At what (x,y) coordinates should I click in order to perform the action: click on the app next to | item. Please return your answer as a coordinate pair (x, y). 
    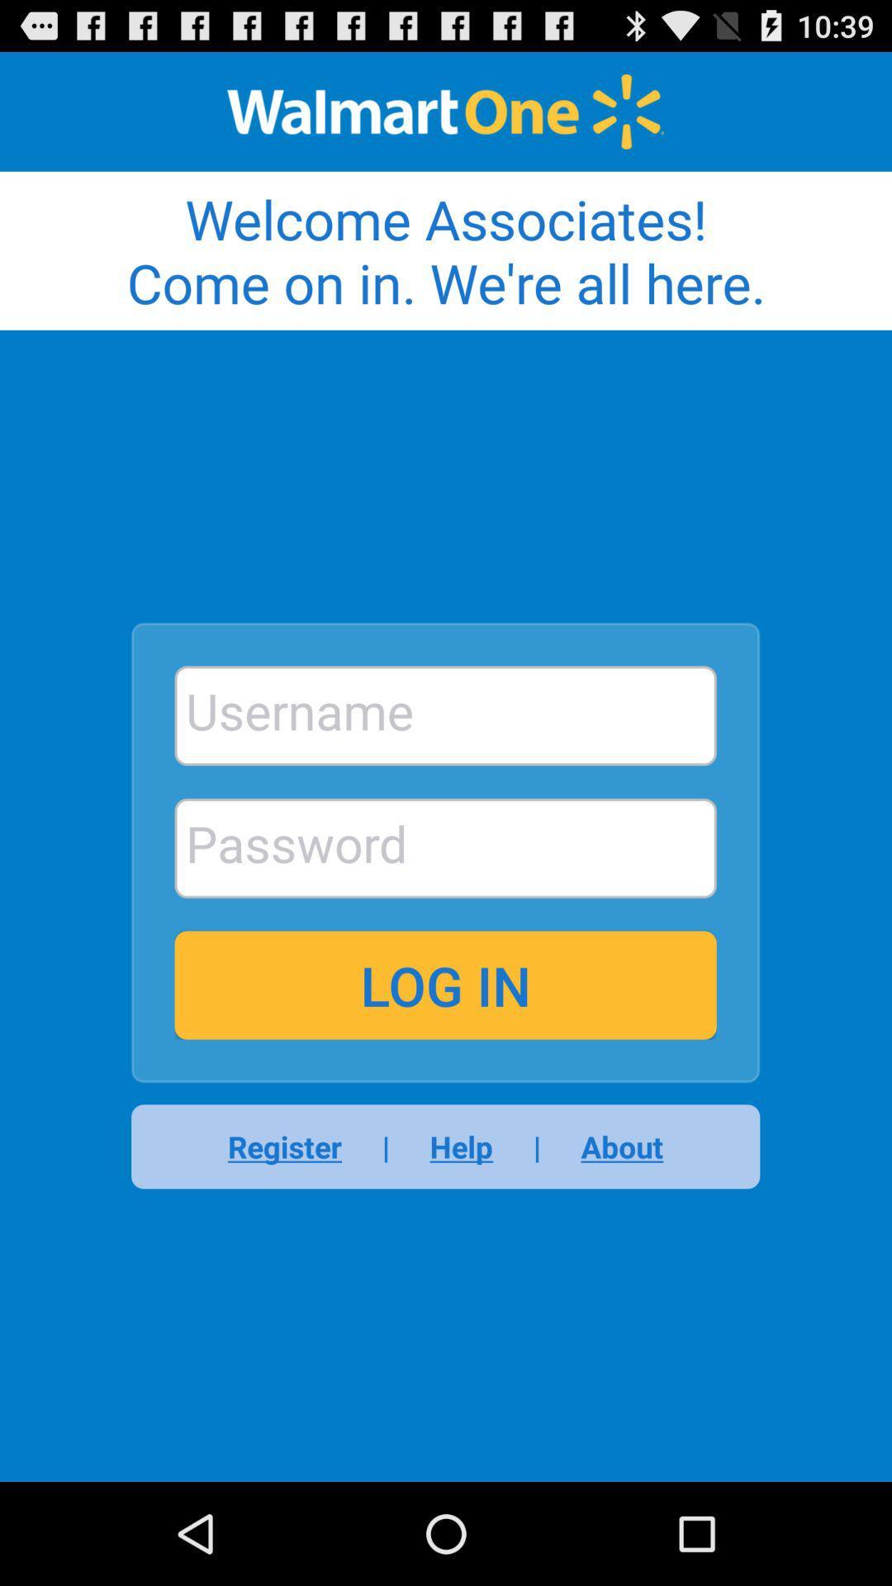
    Looking at the image, I should click on (461, 1146).